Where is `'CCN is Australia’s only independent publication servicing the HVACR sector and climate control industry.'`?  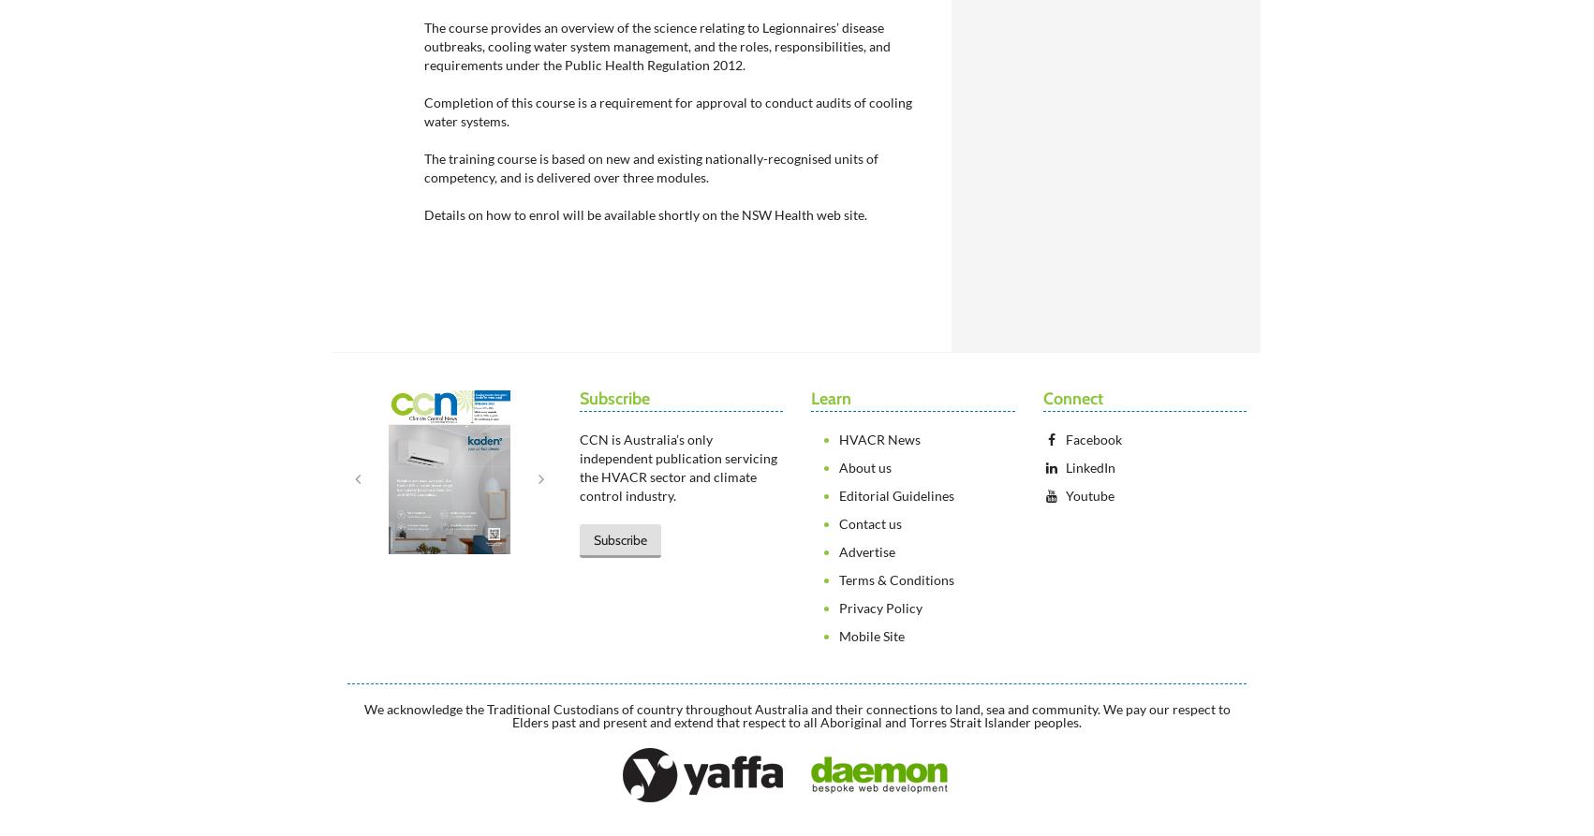 'CCN is Australia’s only independent publication servicing the HVACR sector and climate control industry.' is located at coordinates (578, 466).